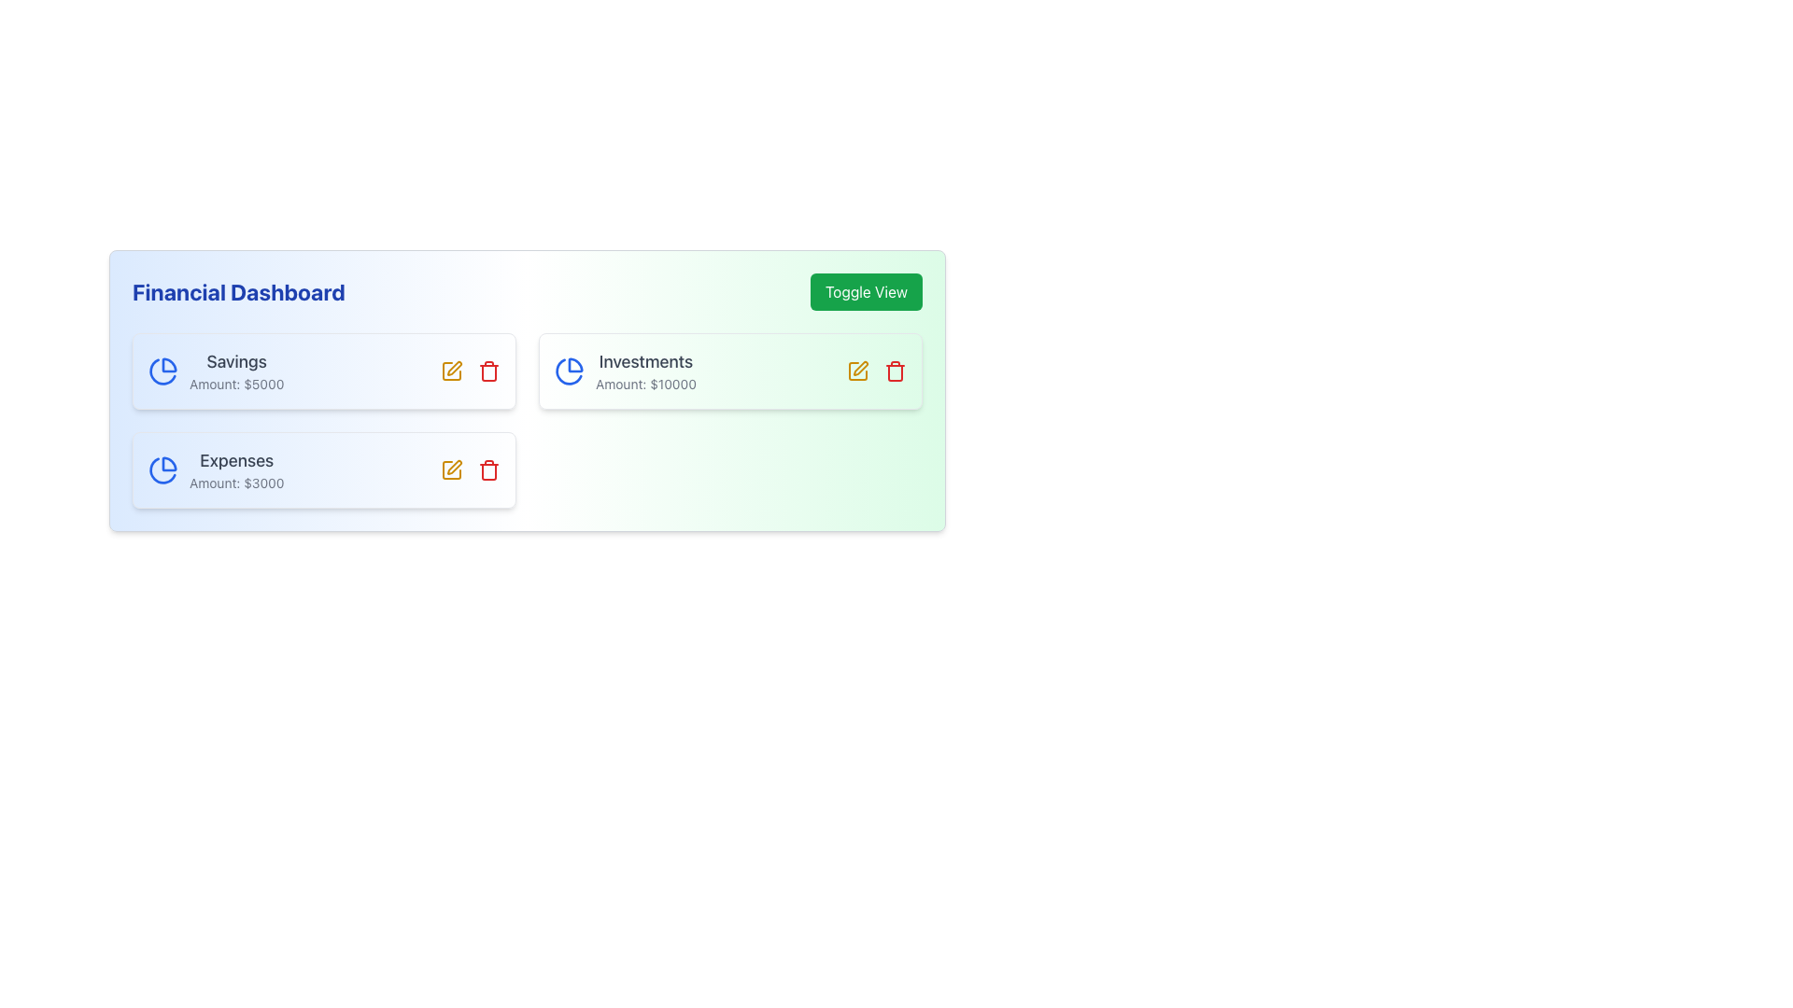  What do you see at coordinates (162, 371) in the screenshot?
I see `the circular pie chart icon, which is styled with a blue outline and filled with blue and white, located beside the 'Savings' text` at bounding box center [162, 371].